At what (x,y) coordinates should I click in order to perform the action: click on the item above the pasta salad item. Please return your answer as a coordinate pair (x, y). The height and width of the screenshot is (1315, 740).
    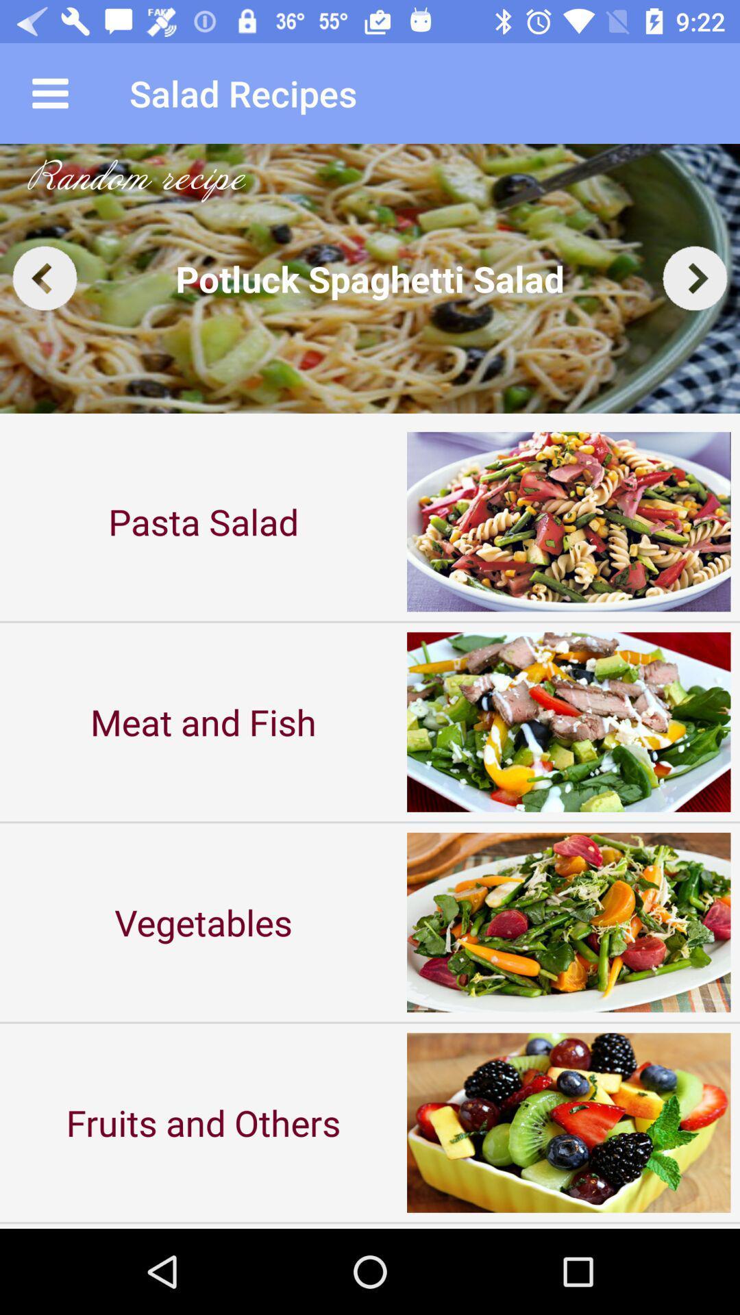
    Looking at the image, I should click on (370, 277).